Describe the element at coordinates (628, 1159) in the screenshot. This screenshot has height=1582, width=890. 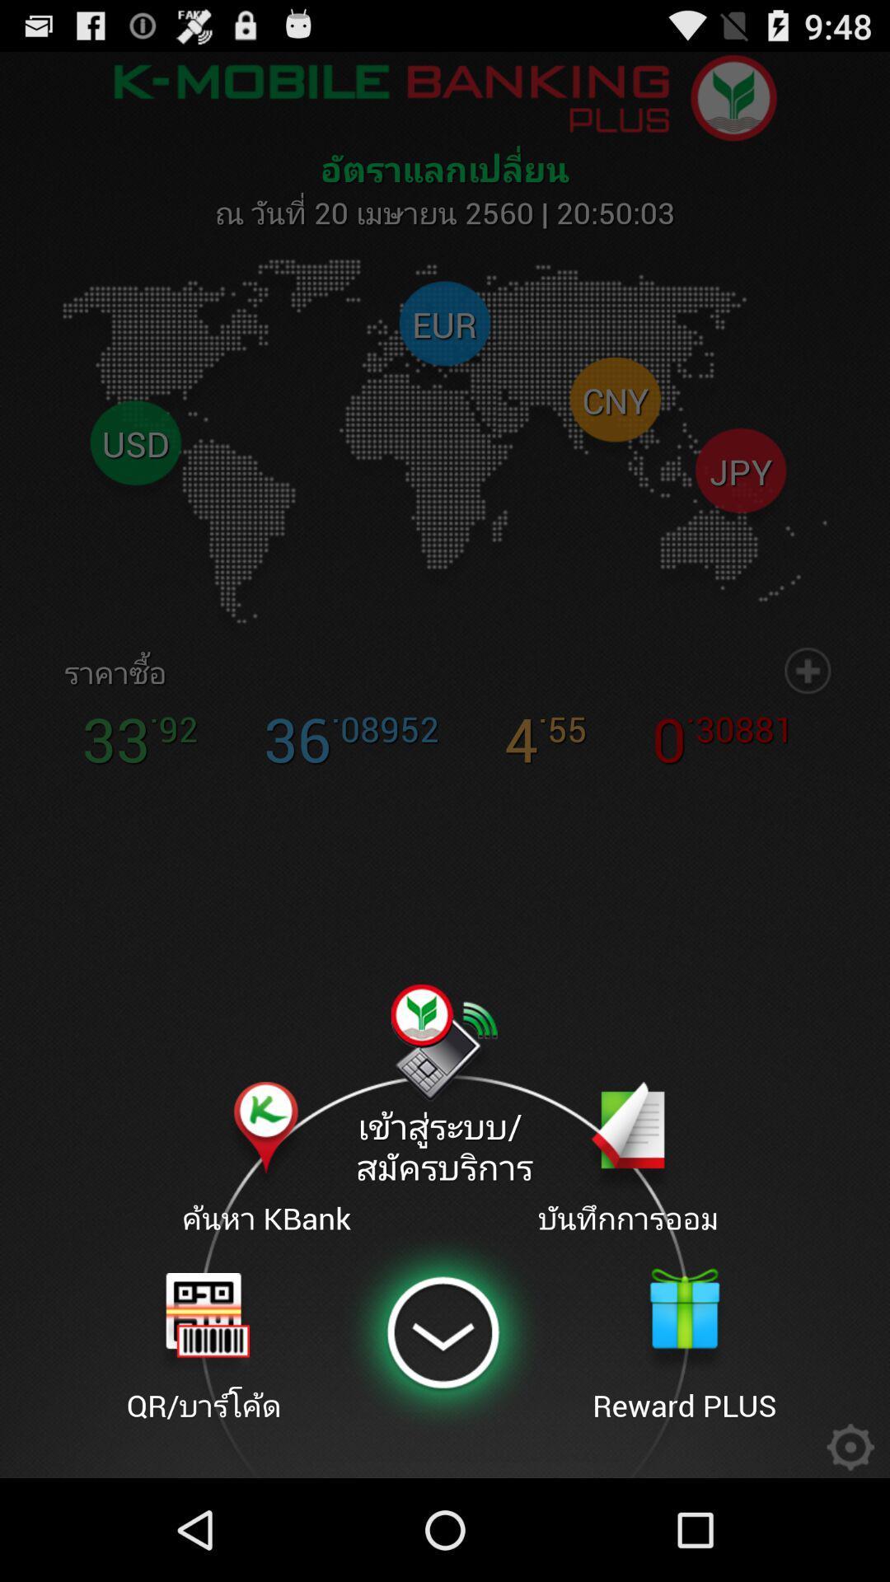
I see `the icon above the reward plus` at that location.